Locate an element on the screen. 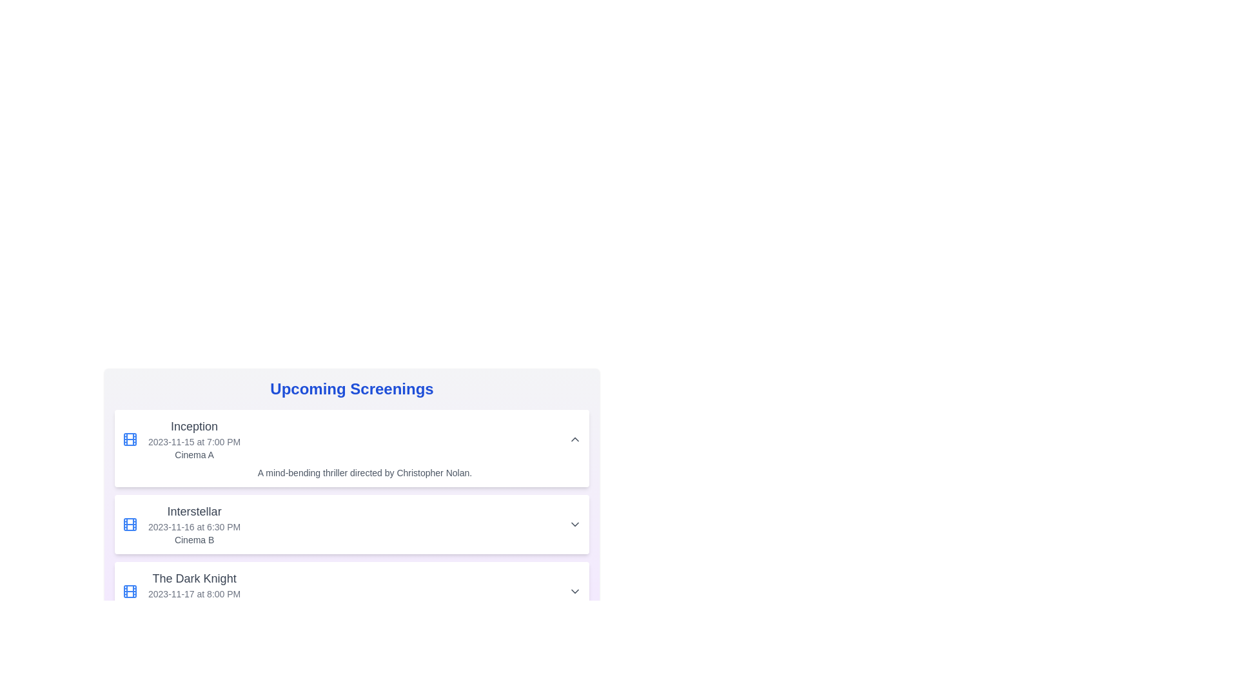 The height and width of the screenshot is (696, 1238). an item within the list of upcoming screenings for more details is located at coordinates (352, 514).